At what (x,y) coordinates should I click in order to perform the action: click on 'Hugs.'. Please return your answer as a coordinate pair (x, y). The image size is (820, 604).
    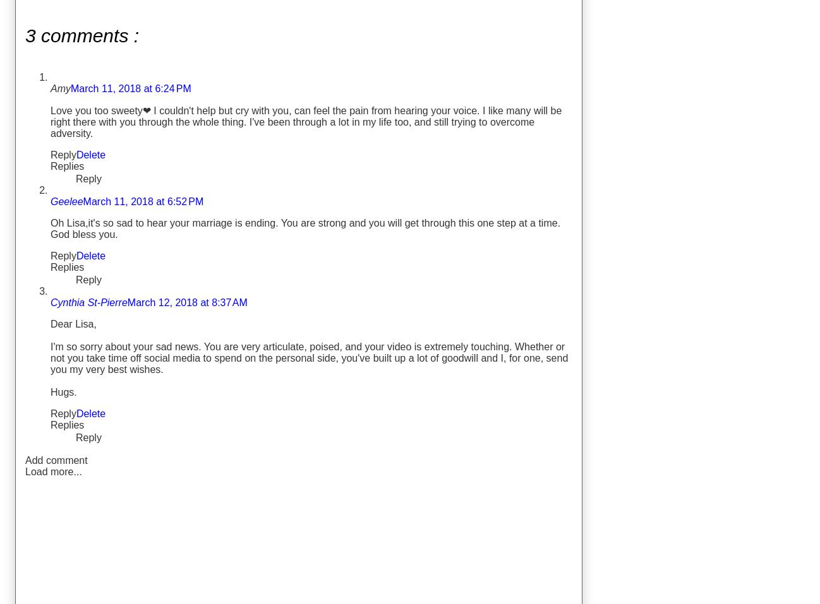
    Looking at the image, I should click on (63, 391).